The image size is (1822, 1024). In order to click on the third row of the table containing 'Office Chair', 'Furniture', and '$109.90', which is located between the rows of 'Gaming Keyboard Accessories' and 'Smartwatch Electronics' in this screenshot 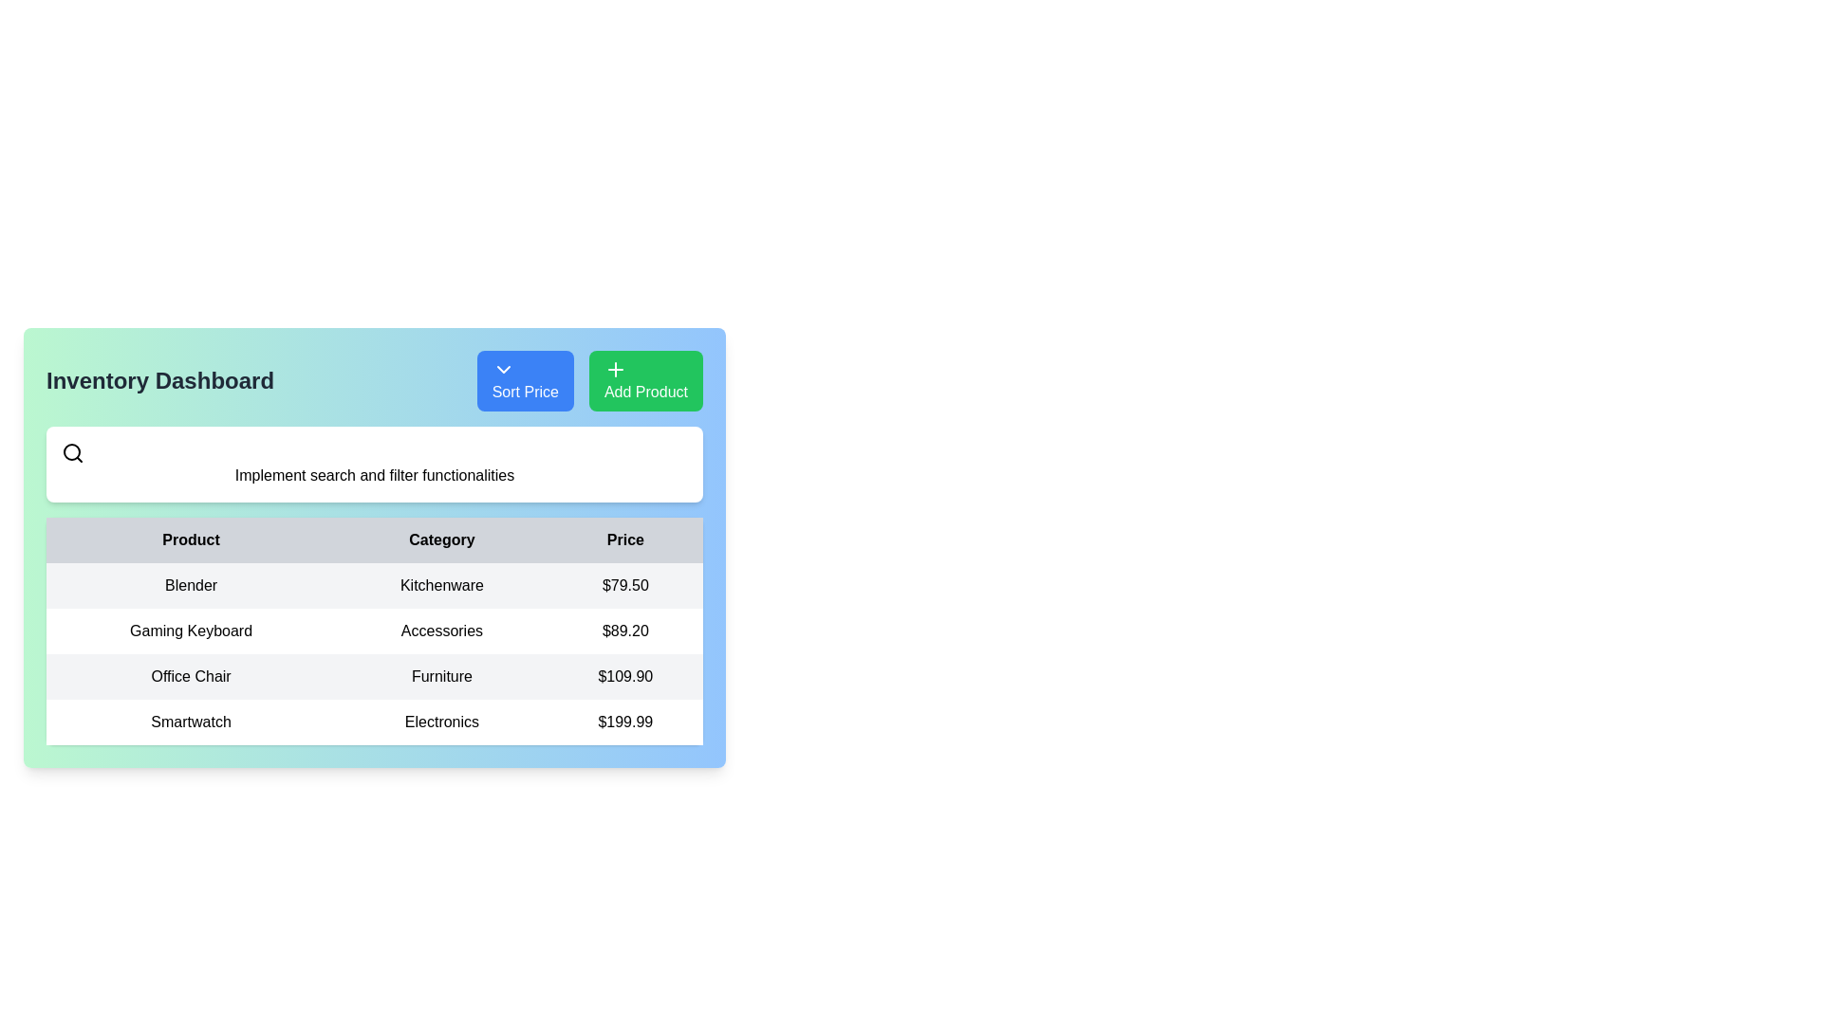, I will do `click(374, 675)`.